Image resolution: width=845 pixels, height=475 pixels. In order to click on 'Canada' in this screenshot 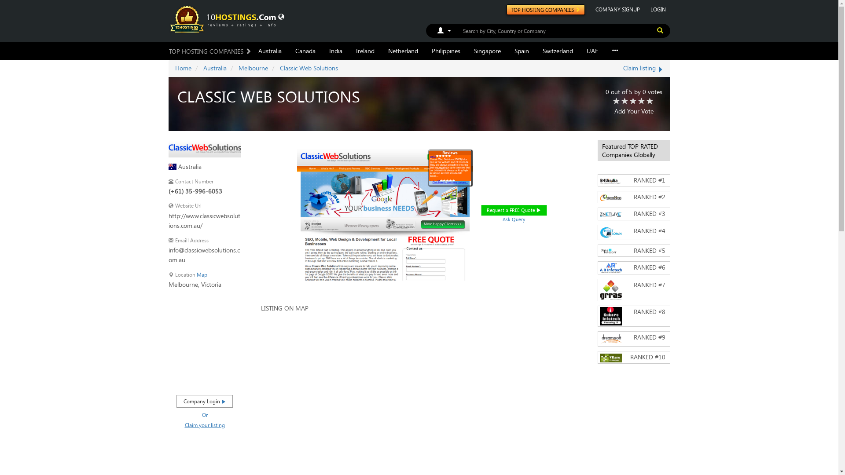, I will do `click(305, 51)`.